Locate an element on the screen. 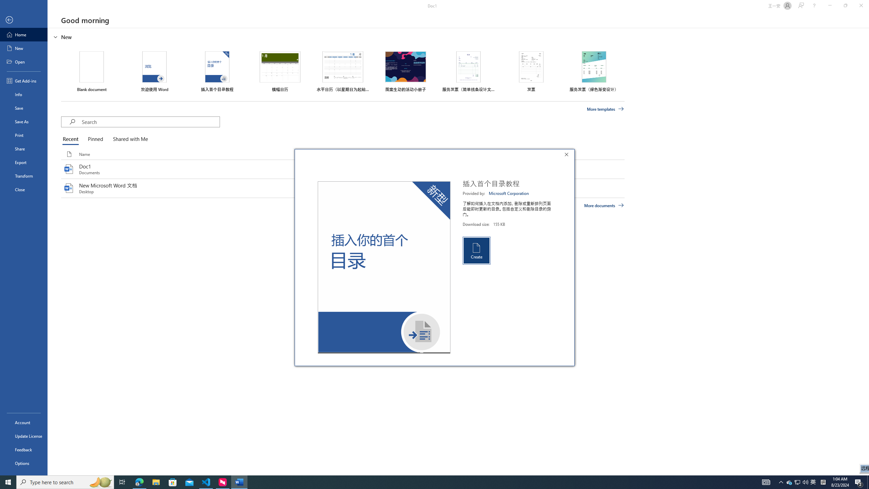 The height and width of the screenshot is (489, 869). 'Account' is located at coordinates (23, 422).